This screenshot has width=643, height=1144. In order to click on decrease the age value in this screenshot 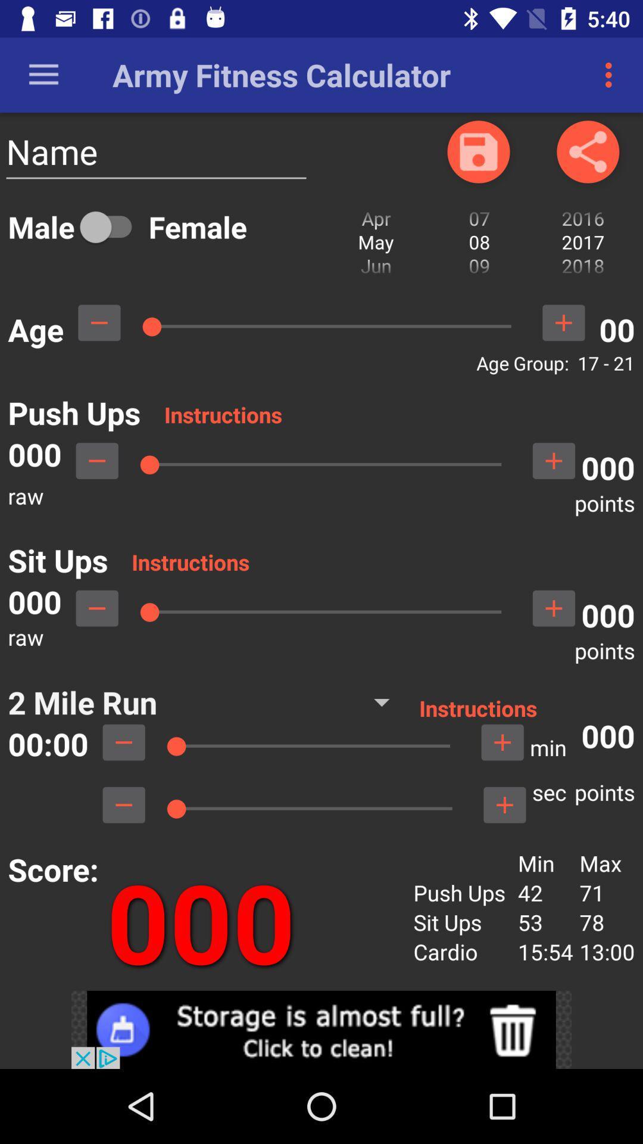, I will do `click(98, 322)`.